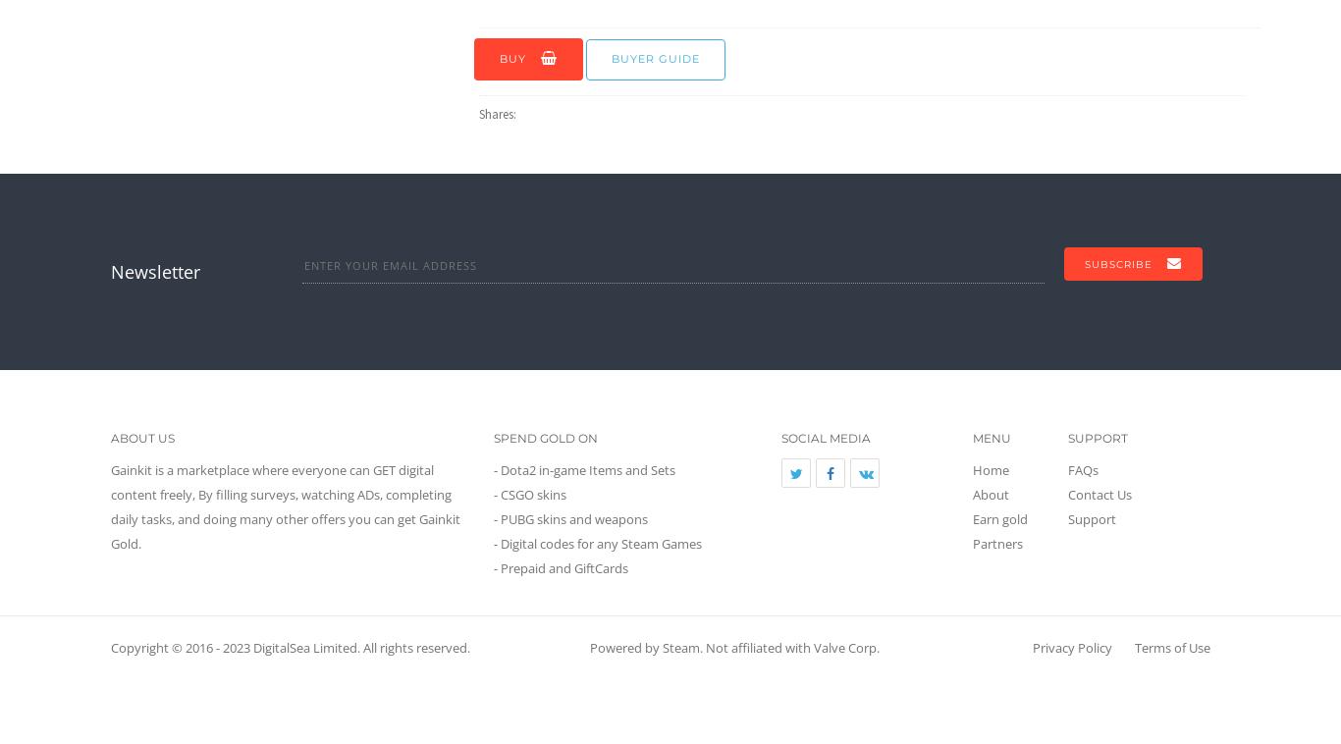 This screenshot has width=1341, height=744. I want to click on 'Social Media', so click(824, 436).